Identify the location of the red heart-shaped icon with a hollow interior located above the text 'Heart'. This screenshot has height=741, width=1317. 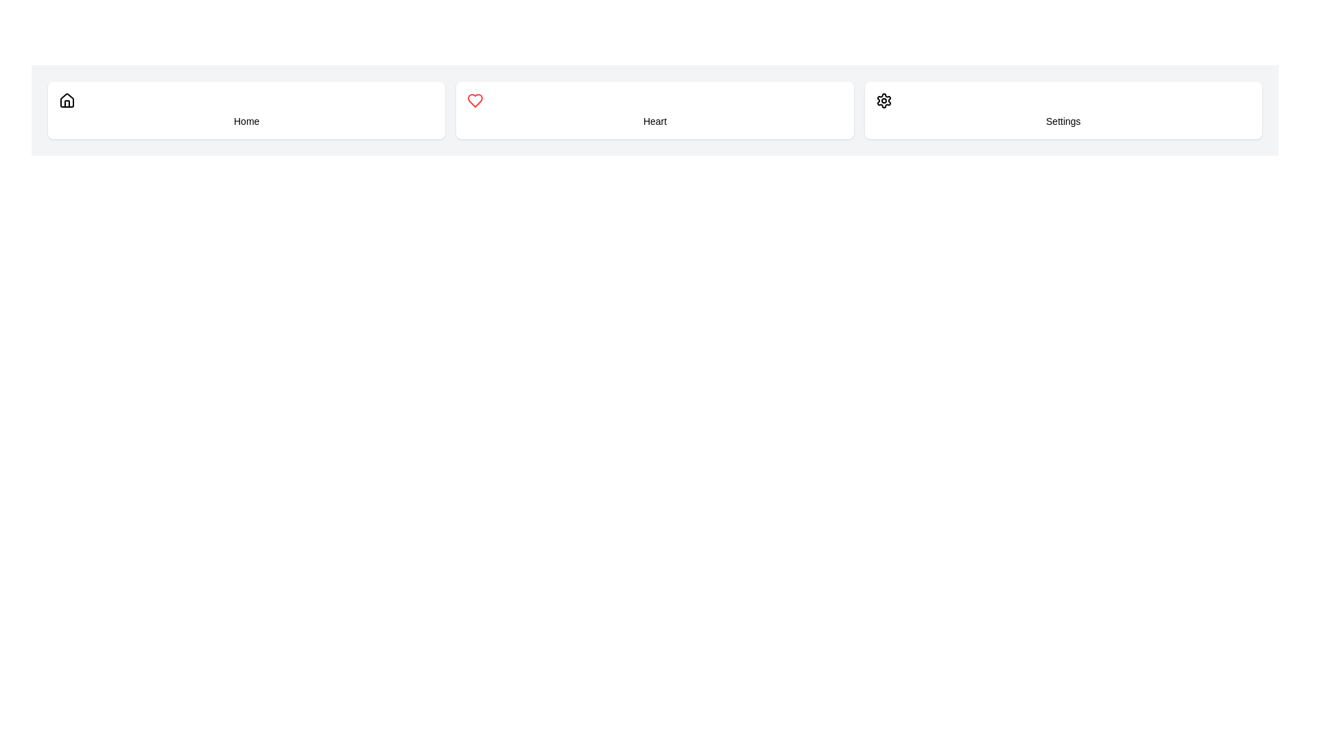
(475, 99).